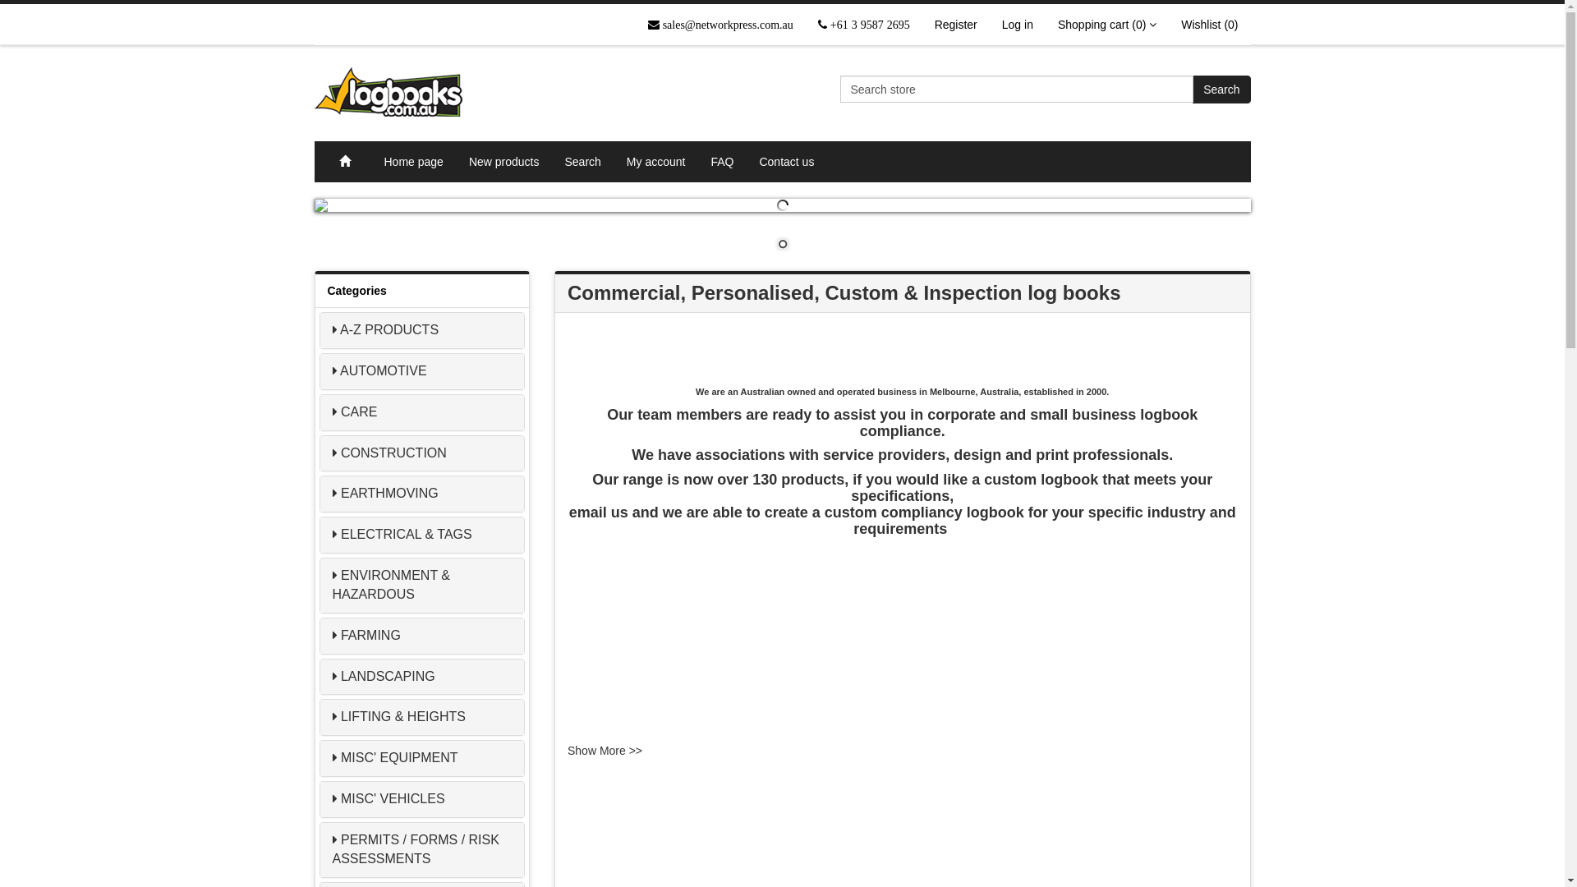 The width and height of the screenshot is (1577, 887). Describe the element at coordinates (1221, 89) in the screenshot. I see `'Search'` at that location.